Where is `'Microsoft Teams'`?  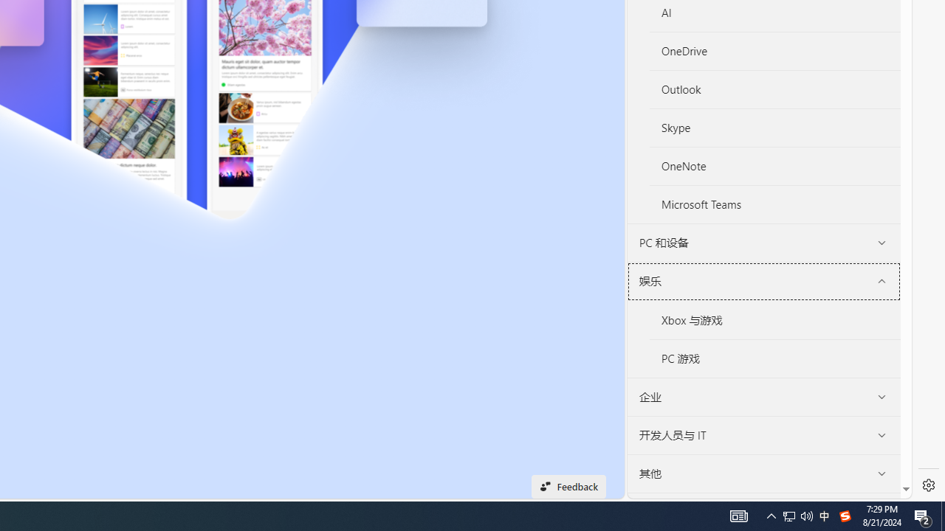
'Microsoft Teams' is located at coordinates (774, 204).